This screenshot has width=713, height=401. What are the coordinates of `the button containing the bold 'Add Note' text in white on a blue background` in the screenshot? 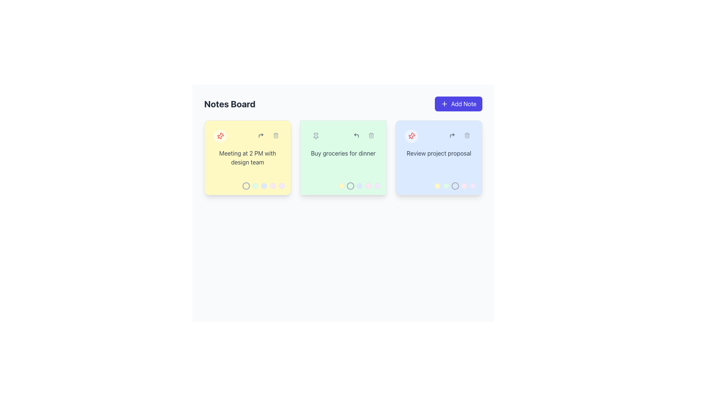 It's located at (463, 104).